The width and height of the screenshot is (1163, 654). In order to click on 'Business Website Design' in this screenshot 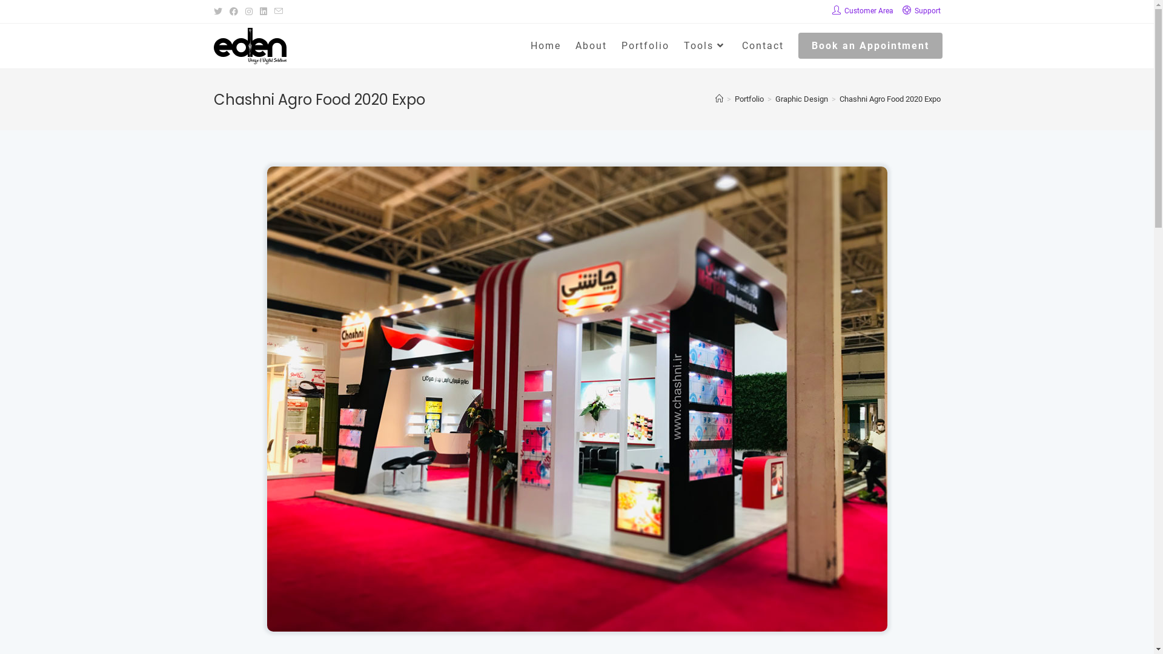, I will do `click(668, 431)`.